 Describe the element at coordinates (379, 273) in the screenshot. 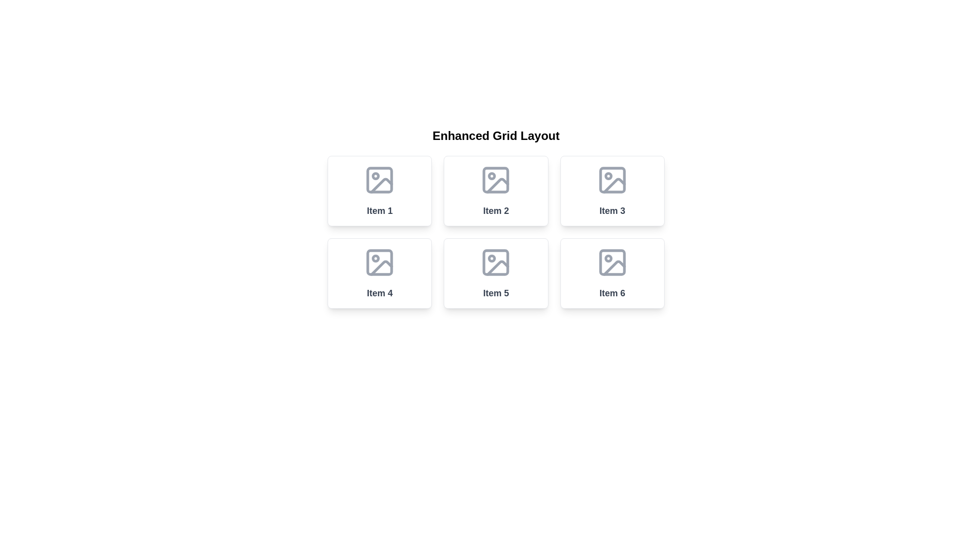

I see `the rectangular card with a white background and gray border, which displays the text 'Item 4' and an image placeholder icon at the top center` at that location.